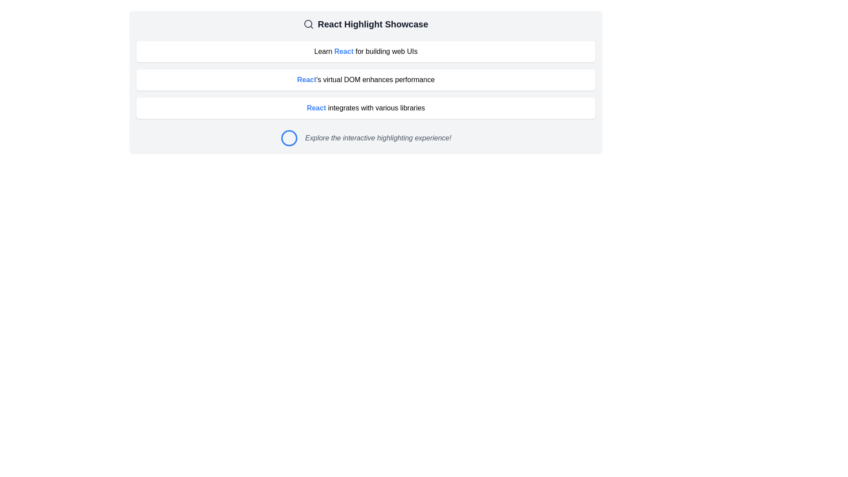 The image size is (848, 477). I want to click on the text element stating 'React integrates with various libraries', which features 'React' in blue bold font and is located at the bottom of a vertically arranged list on a white background, so click(366, 107).